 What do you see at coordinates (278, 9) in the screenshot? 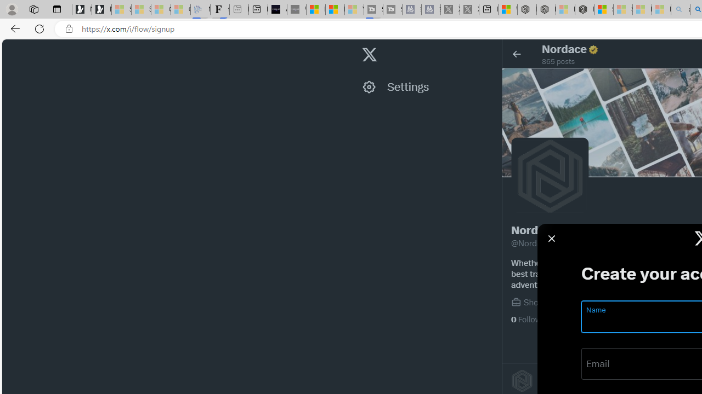
I see `'AI Voice Changer for PC and Mac - Voice.ai'` at bounding box center [278, 9].